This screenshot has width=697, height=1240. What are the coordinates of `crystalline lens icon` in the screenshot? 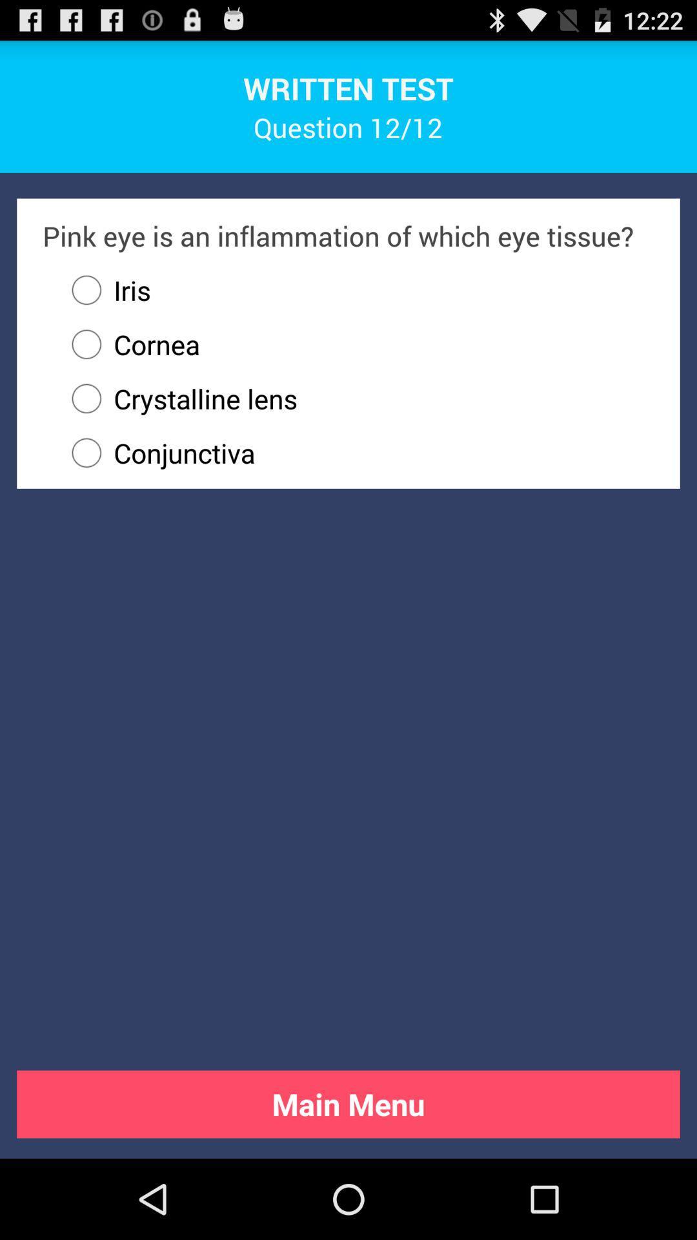 It's located at (357, 398).